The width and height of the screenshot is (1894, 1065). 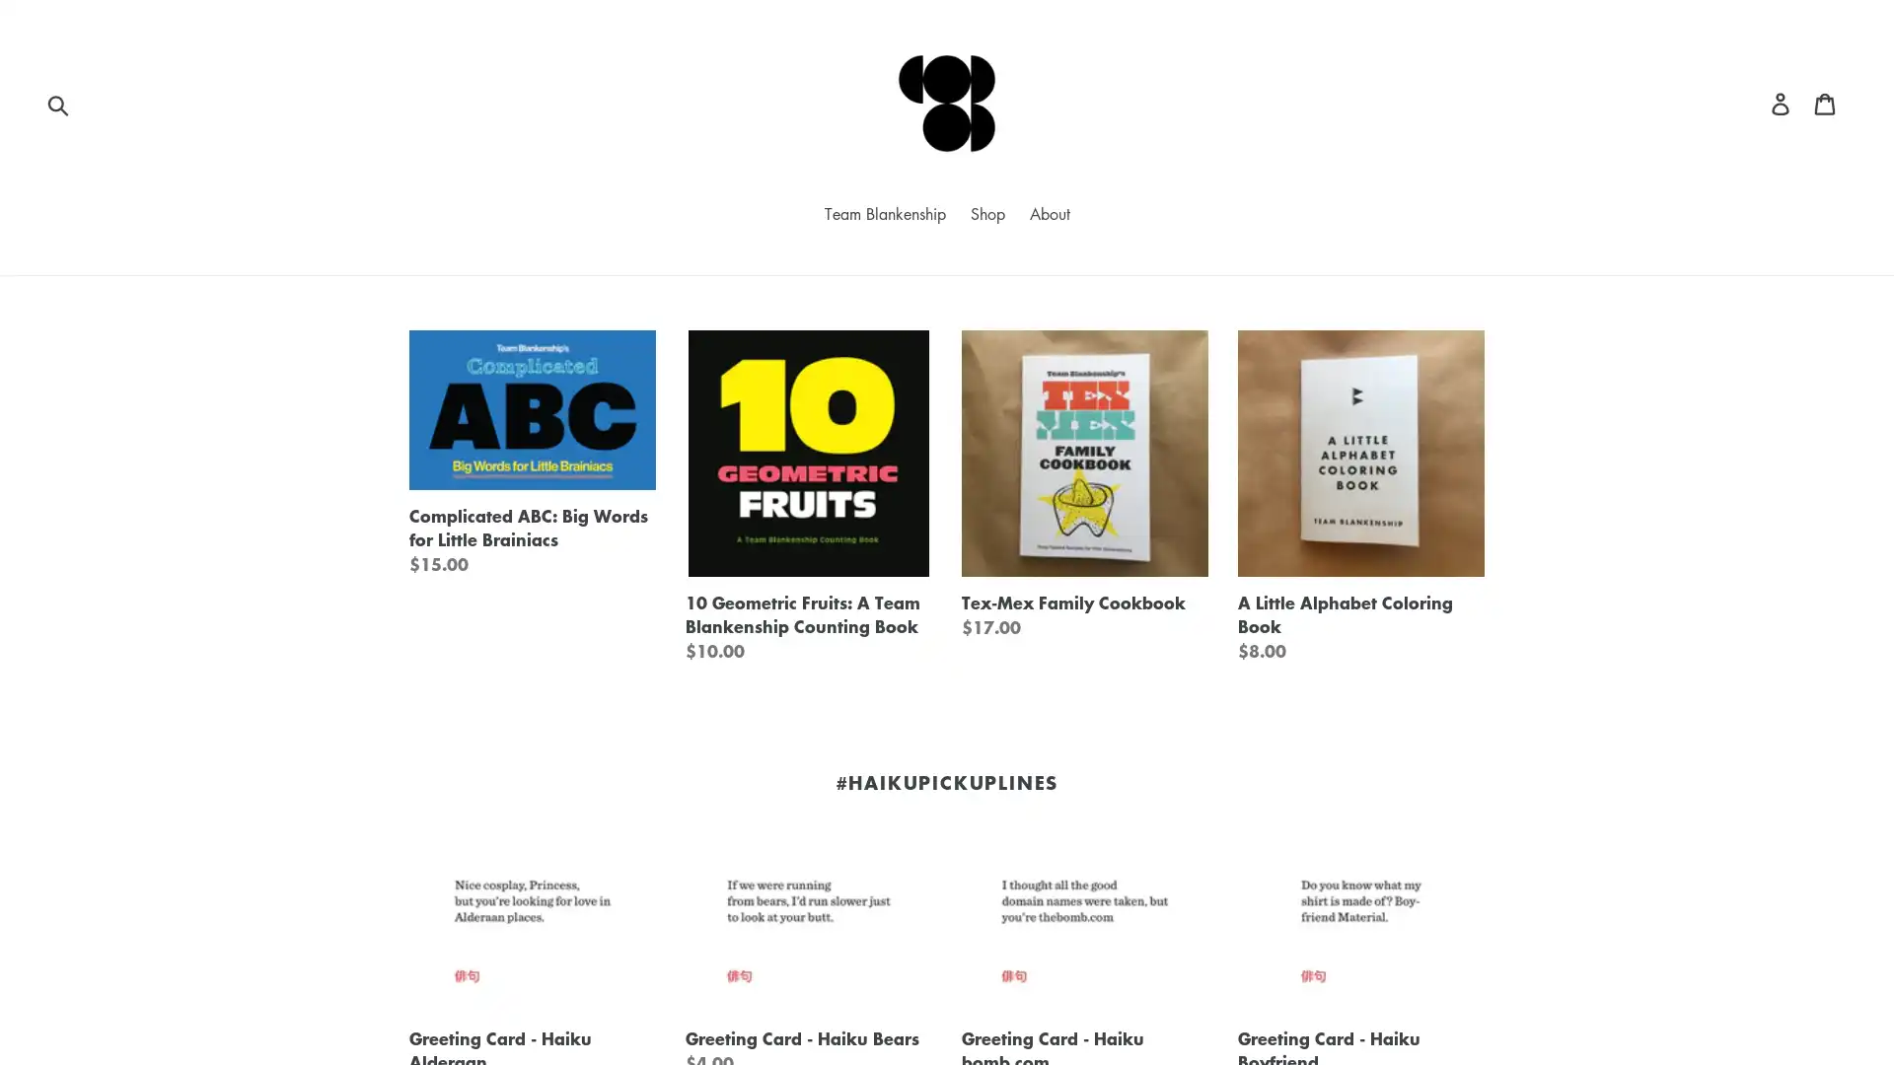 I want to click on Submit, so click(x=59, y=103).